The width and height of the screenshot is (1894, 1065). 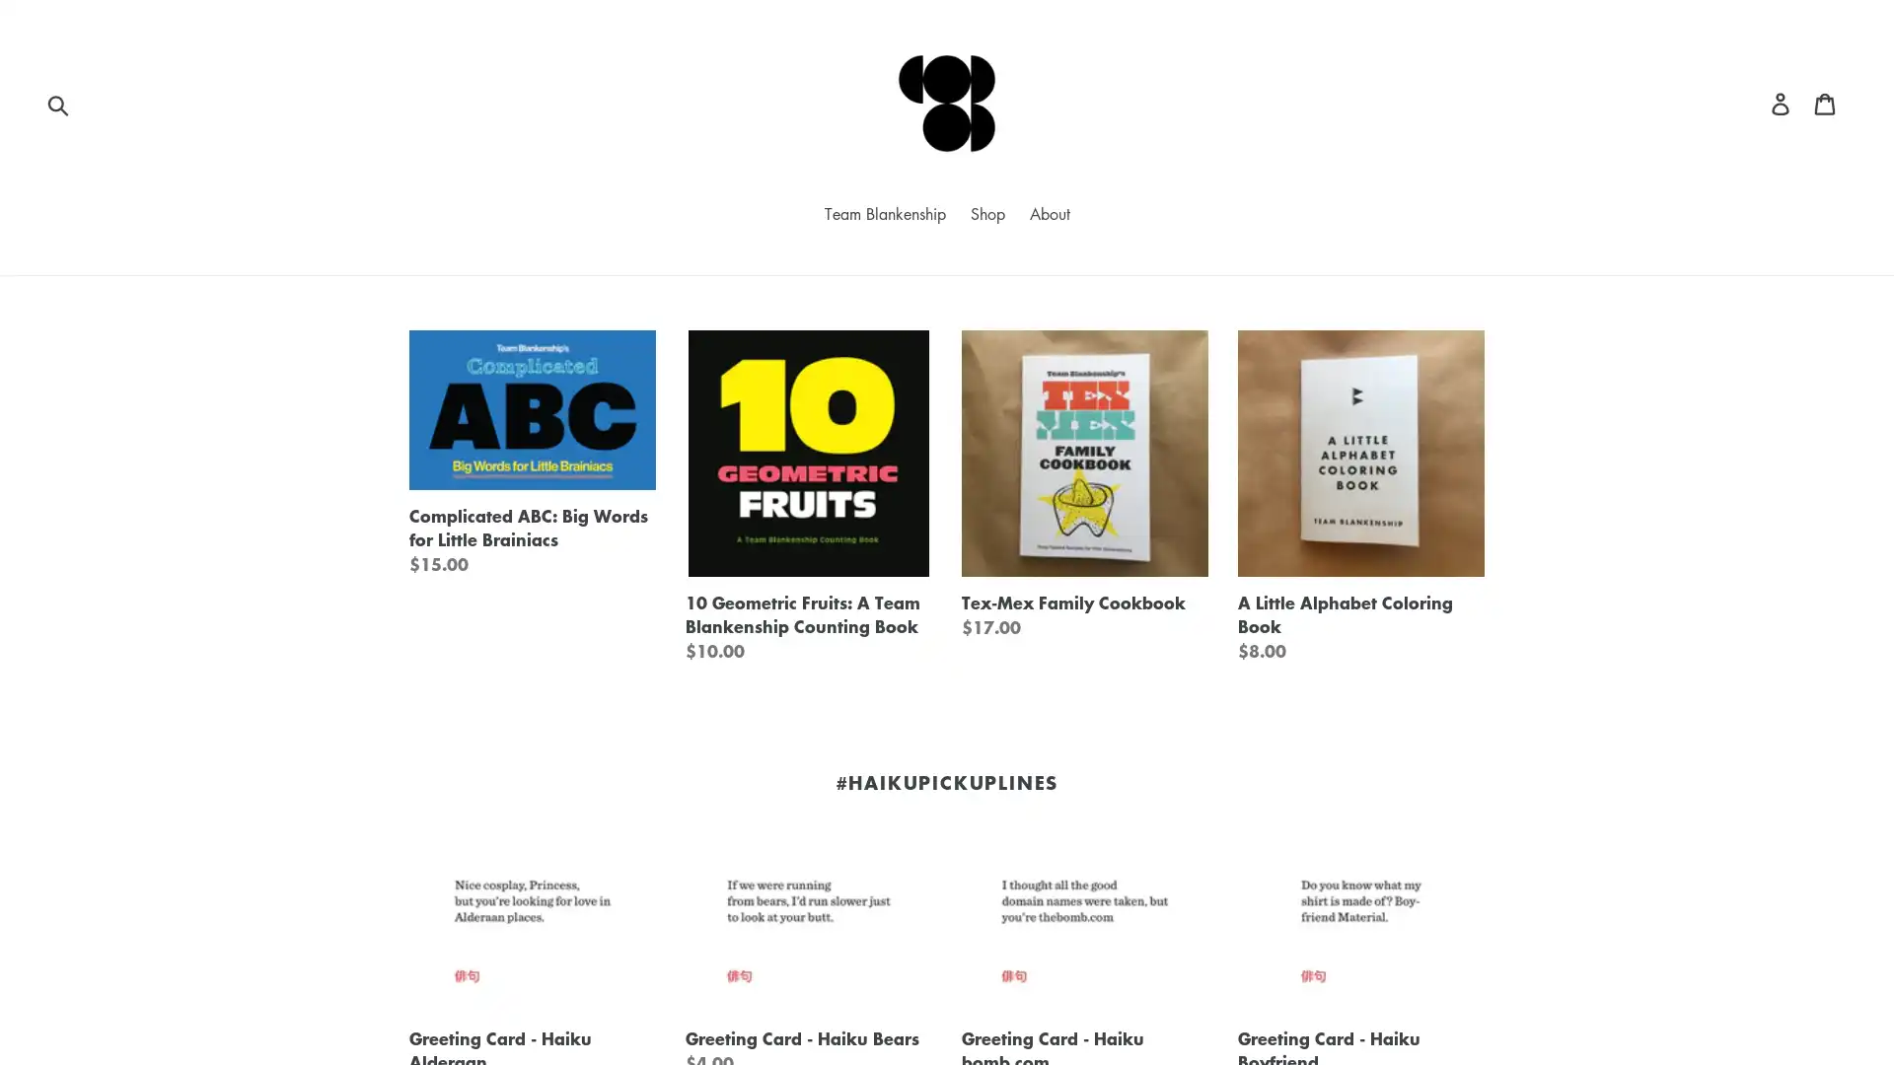 I want to click on Submit, so click(x=59, y=103).